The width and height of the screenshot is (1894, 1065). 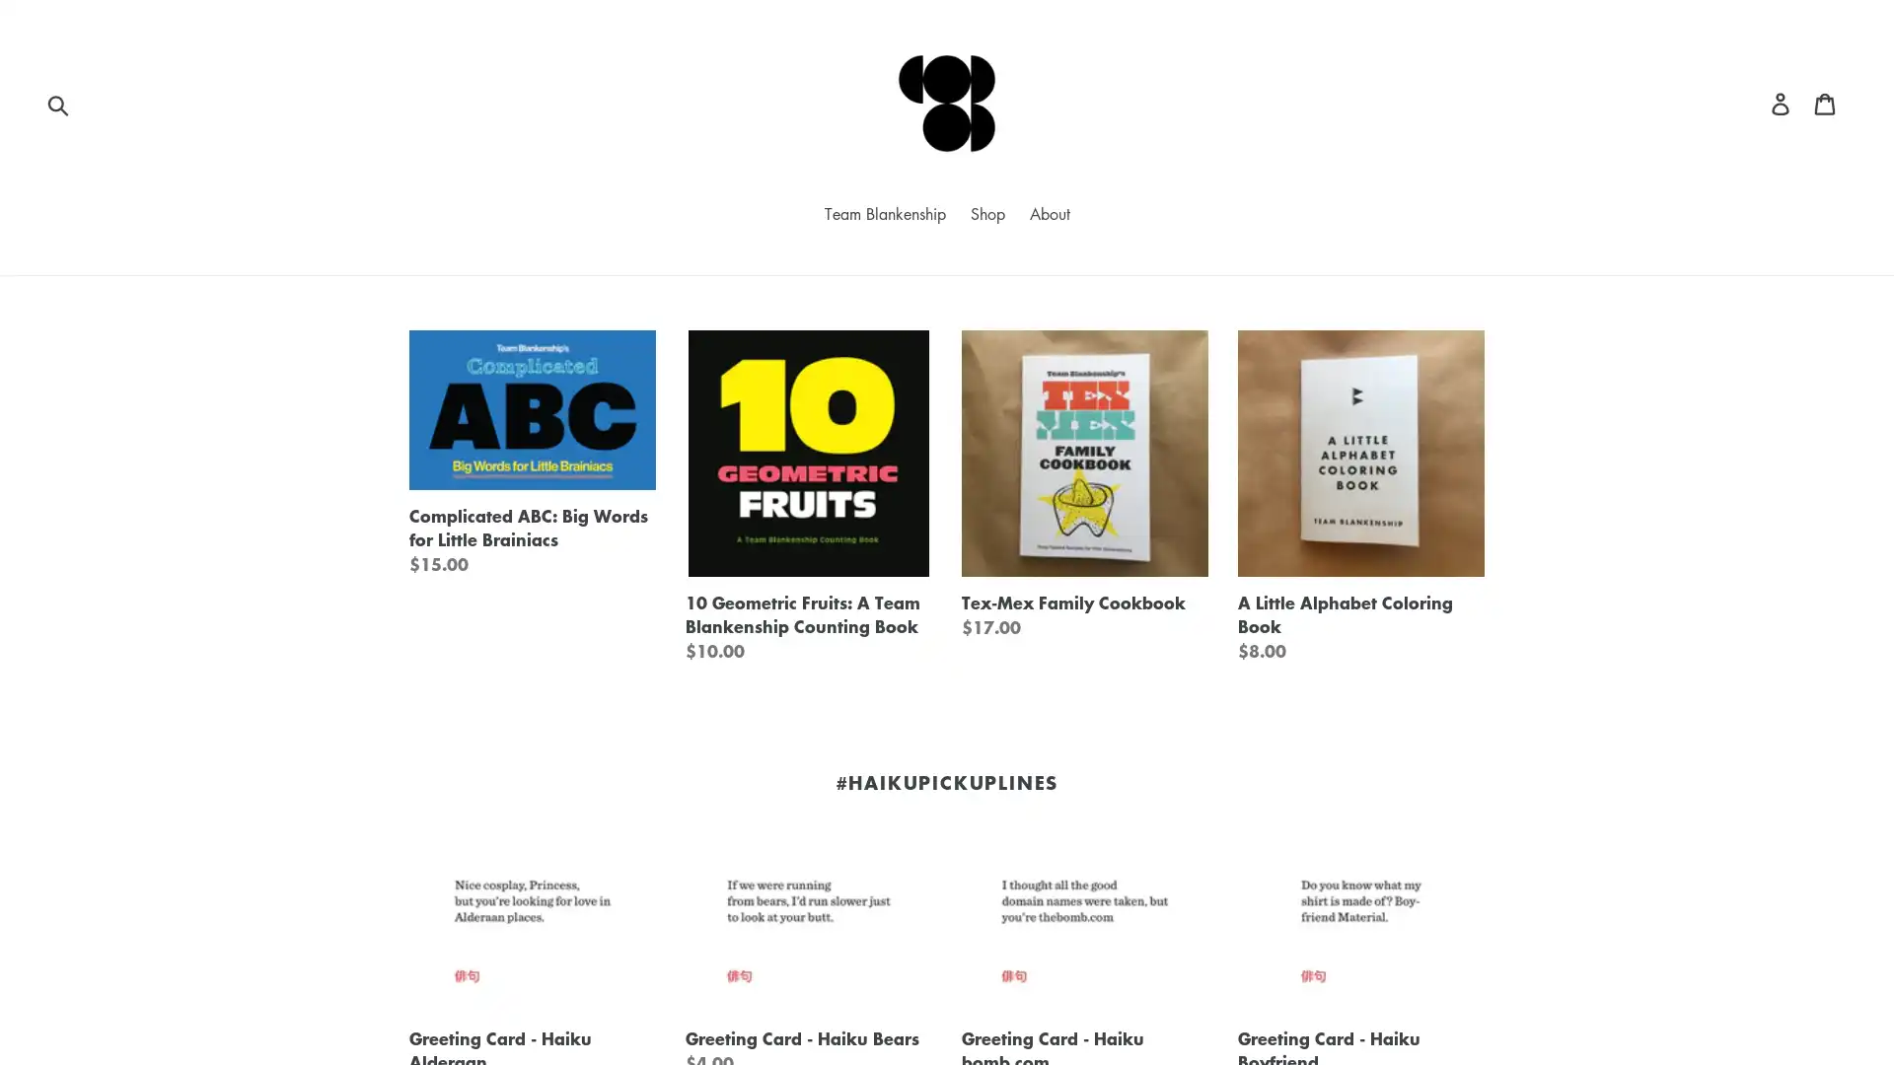 I want to click on Submit, so click(x=59, y=103).